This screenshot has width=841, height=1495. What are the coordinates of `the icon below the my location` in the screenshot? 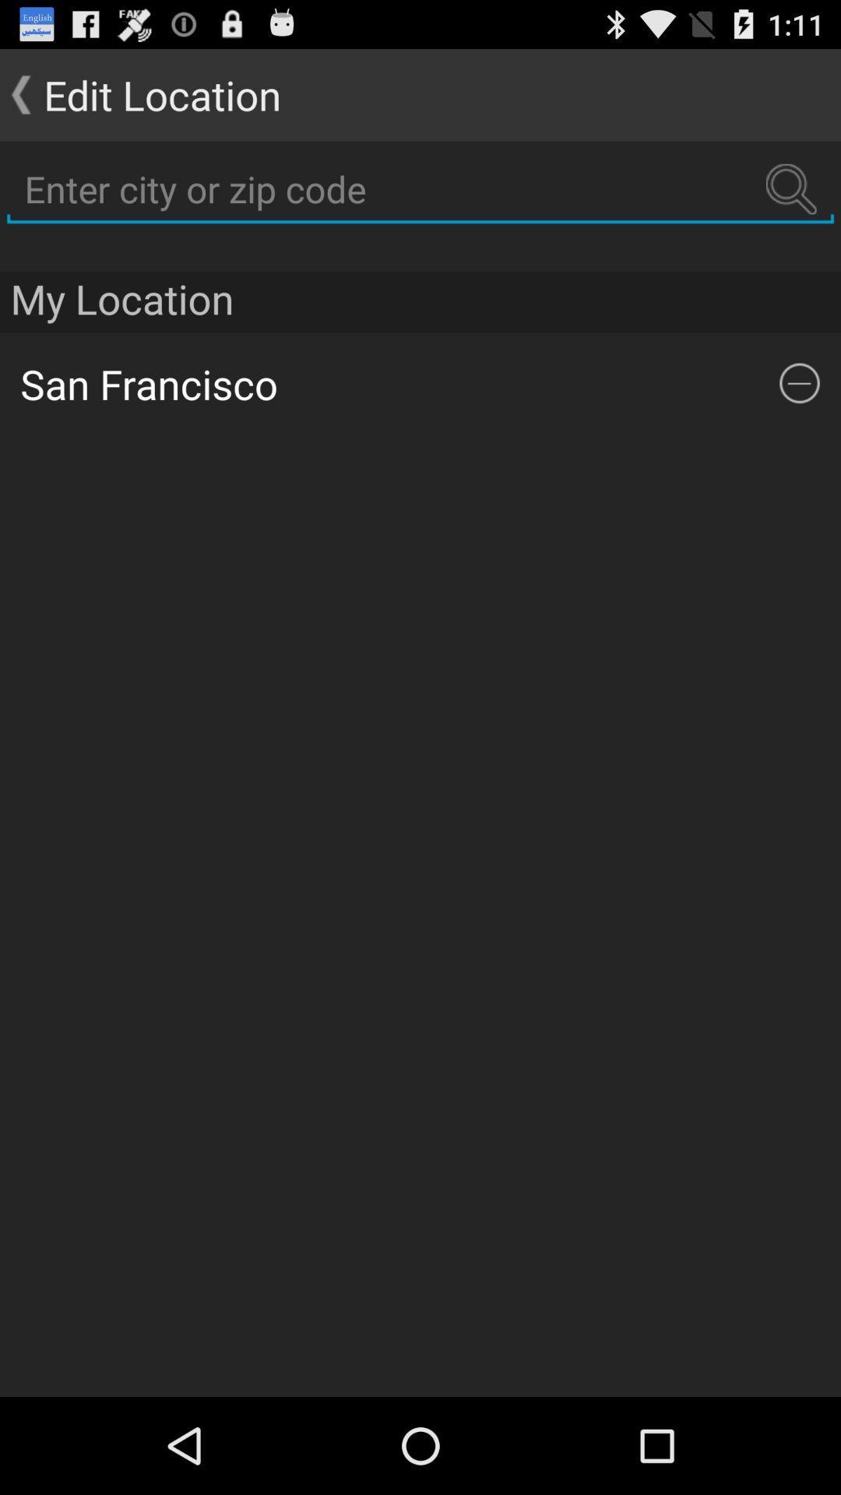 It's located at (800, 383).